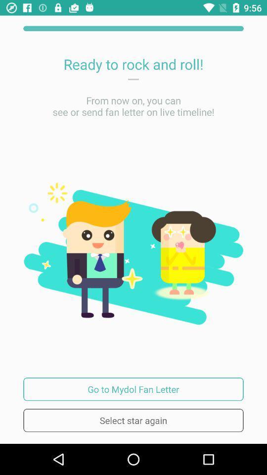  Describe the element at coordinates (133, 389) in the screenshot. I see `icon above the select star again item` at that location.